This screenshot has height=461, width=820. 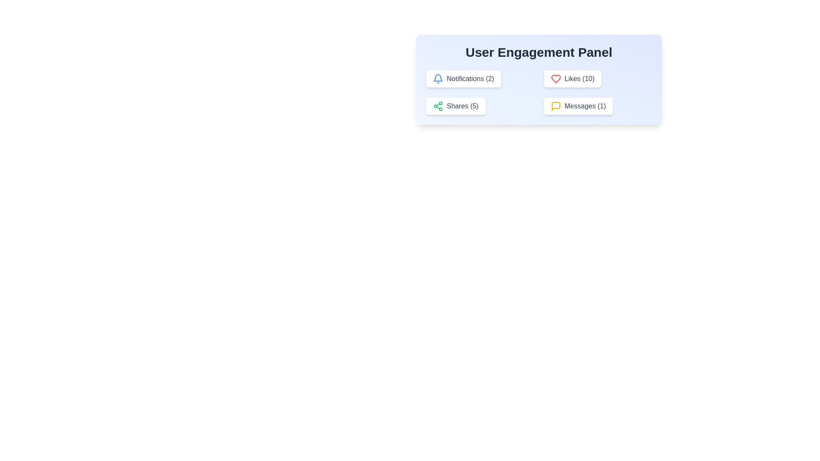 What do you see at coordinates (480, 79) in the screenshot?
I see `the 'Notifications (2)' interactive label/button, which features a bell icon styled in blue` at bounding box center [480, 79].